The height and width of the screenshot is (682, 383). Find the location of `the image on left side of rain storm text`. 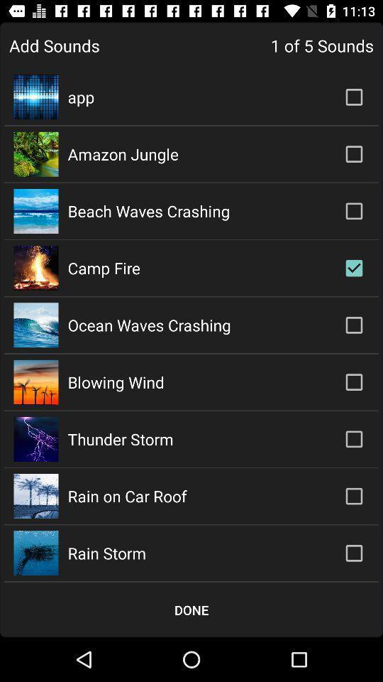

the image on left side of rain storm text is located at coordinates (36, 552).